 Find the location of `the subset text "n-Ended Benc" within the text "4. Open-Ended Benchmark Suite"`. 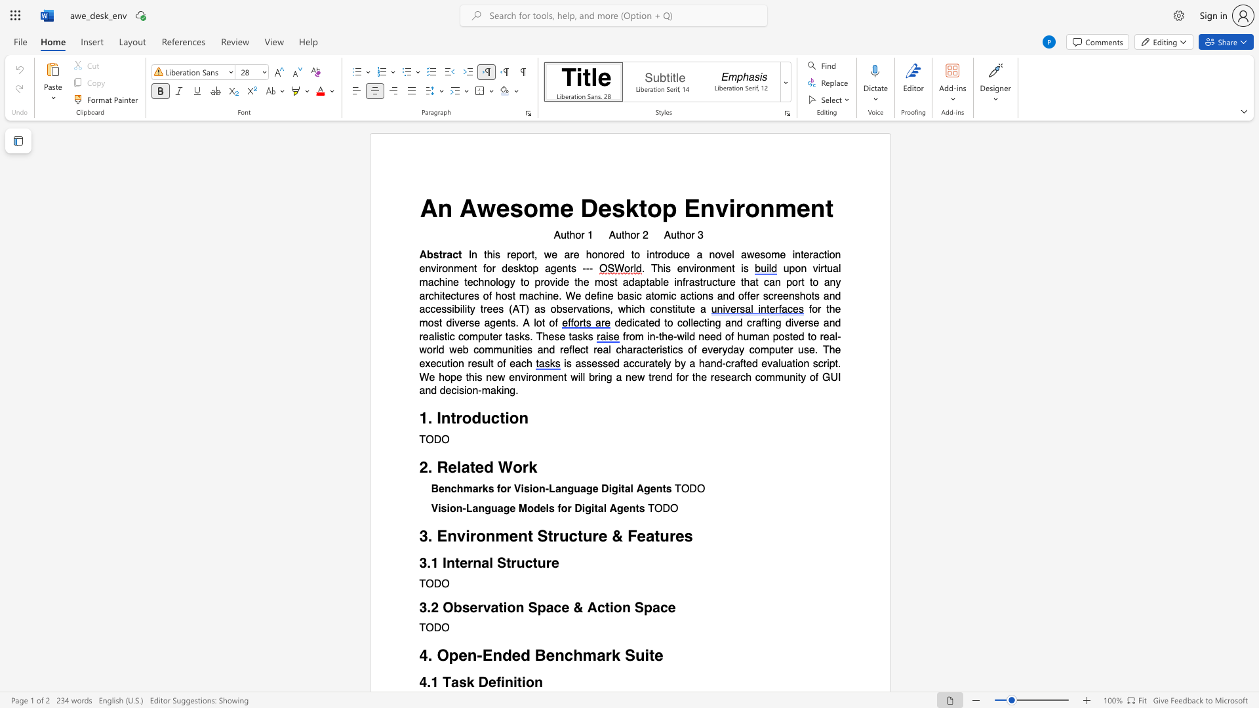

the subset text "n-Ended Benc" within the text "4. Open-Ended Benchmark Suite" is located at coordinates (467, 656).